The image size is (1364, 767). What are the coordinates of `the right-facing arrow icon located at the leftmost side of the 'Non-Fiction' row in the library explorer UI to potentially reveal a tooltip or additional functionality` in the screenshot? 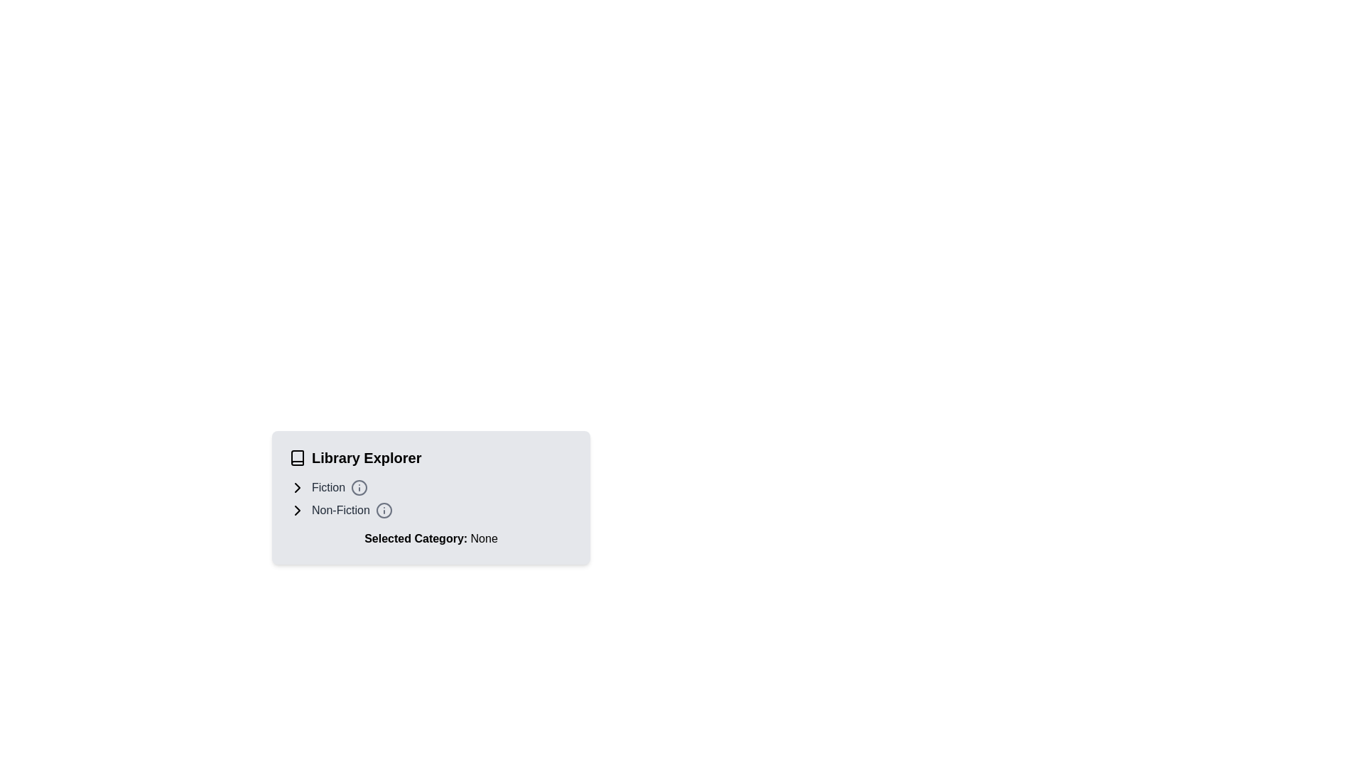 It's located at (296, 509).